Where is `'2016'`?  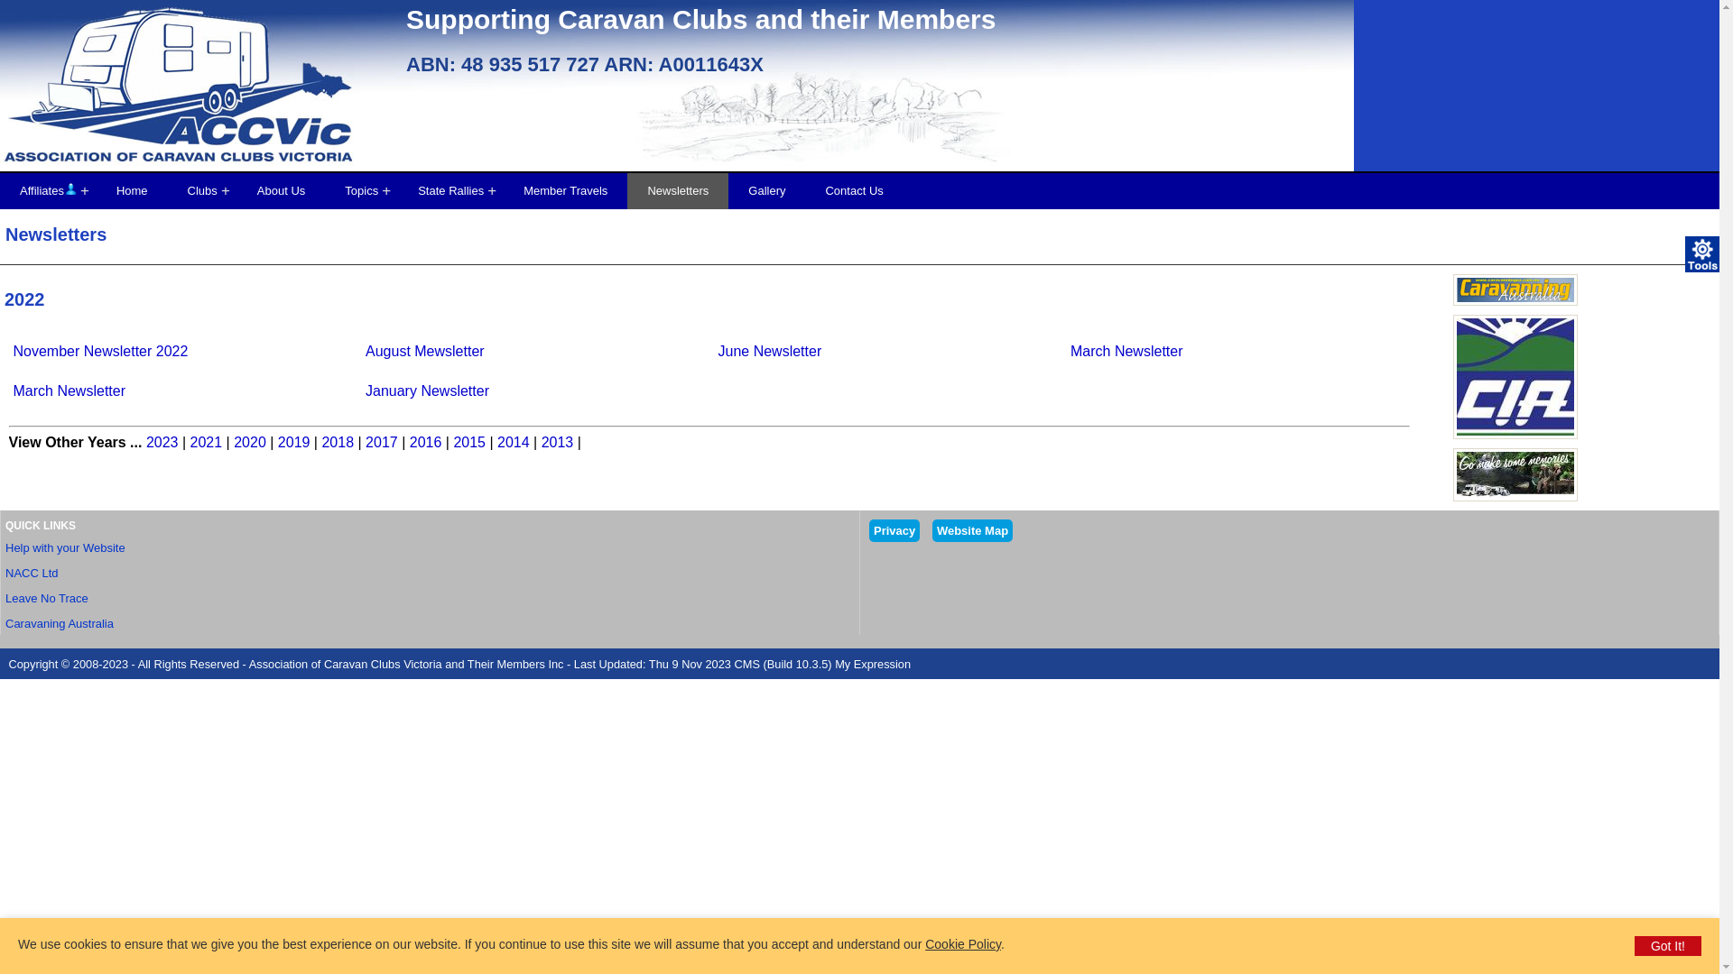
'2016' is located at coordinates (424, 442).